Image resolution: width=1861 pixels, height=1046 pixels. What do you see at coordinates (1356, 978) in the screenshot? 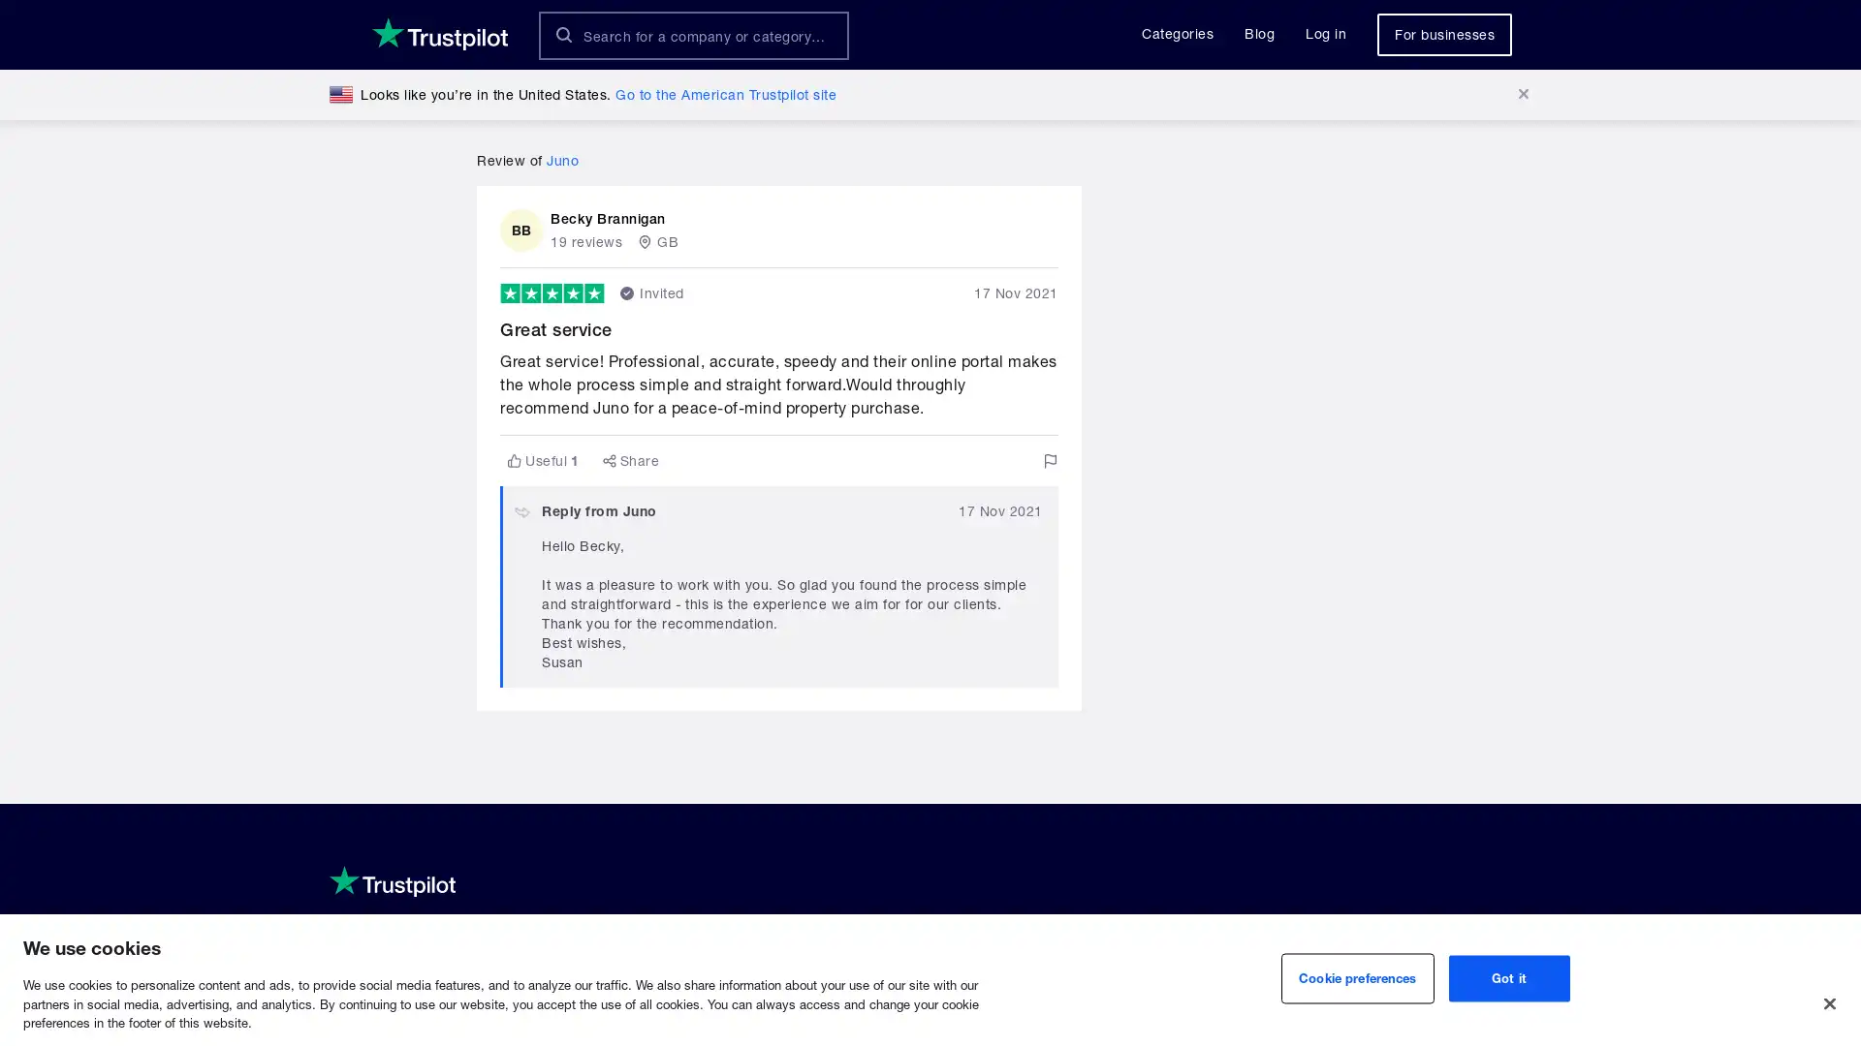
I see `Cookie preferences` at bounding box center [1356, 978].